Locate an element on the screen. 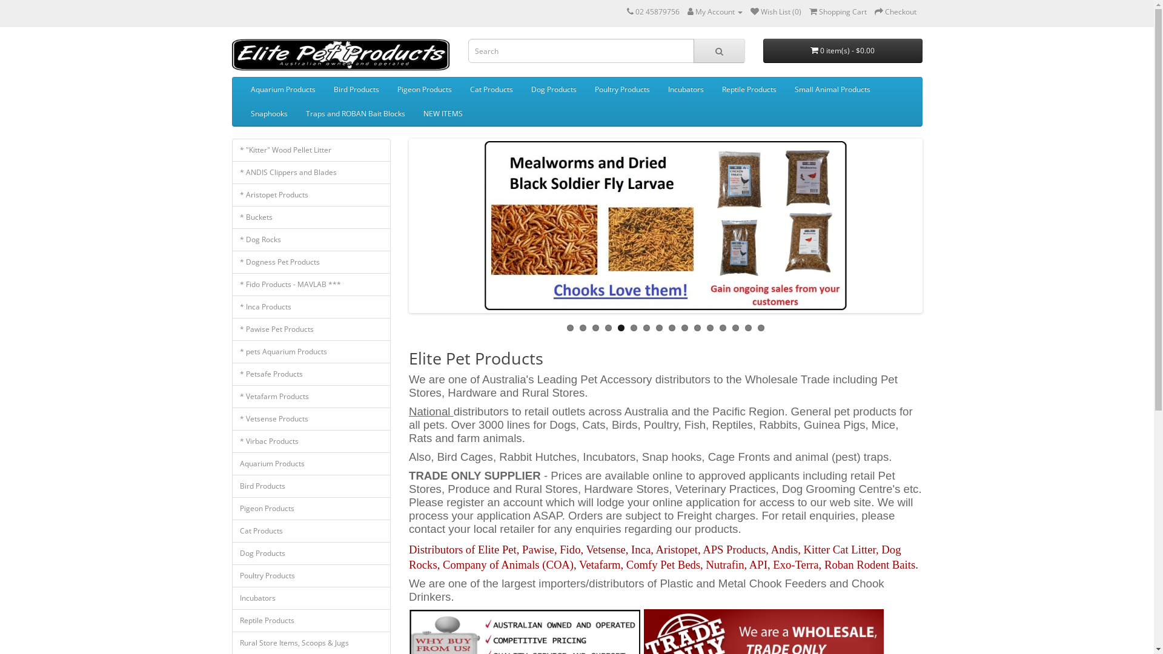 The height and width of the screenshot is (654, 1163). '* Inca Products' is located at coordinates (311, 306).